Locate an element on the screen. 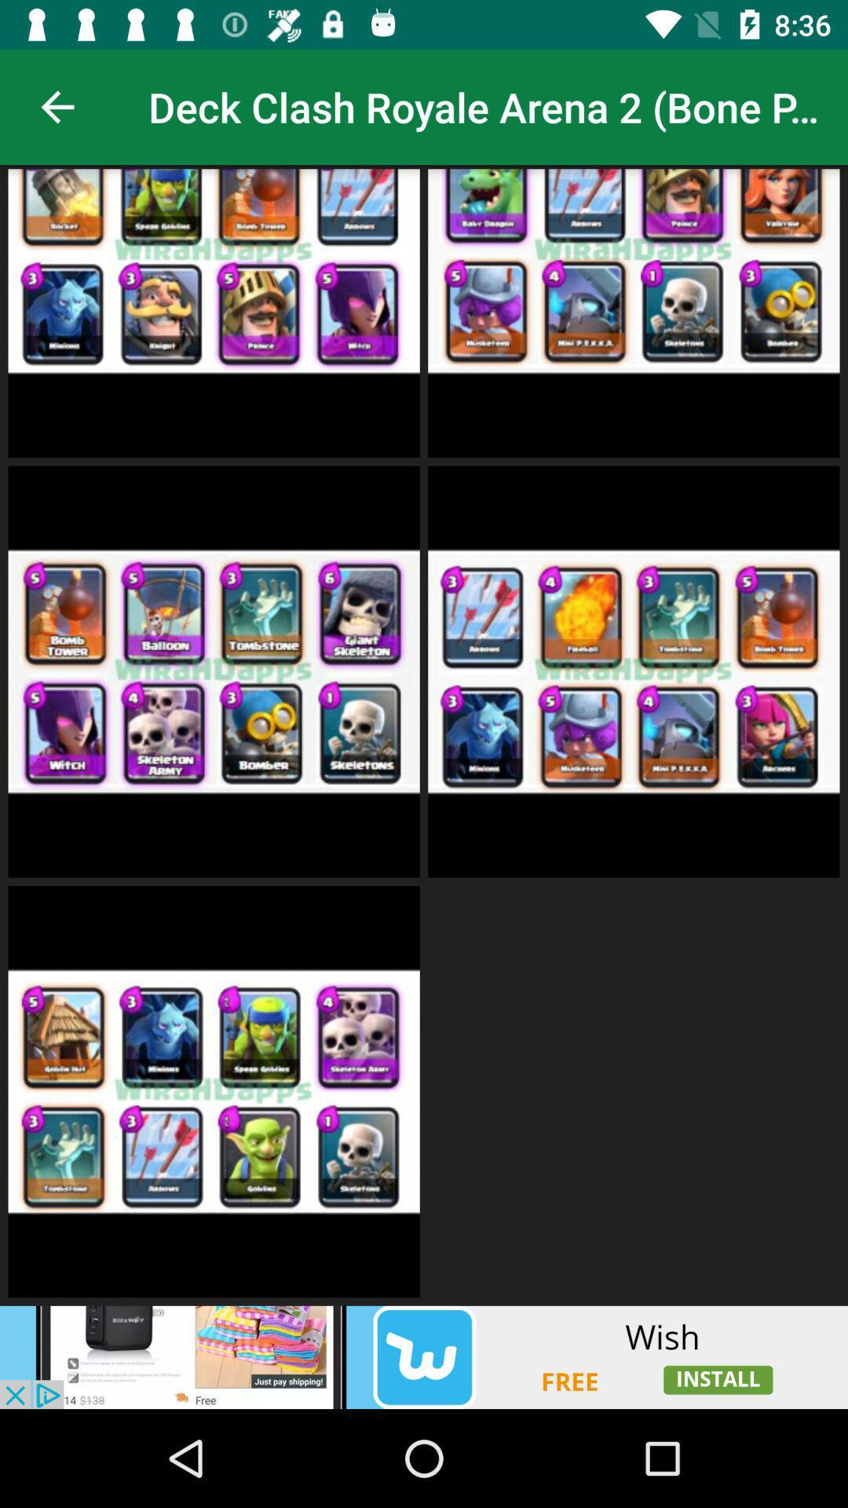 Image resolution: width=848 pixels, height=1508 pixels. the second block from top right is located at coordinates (633, 672).